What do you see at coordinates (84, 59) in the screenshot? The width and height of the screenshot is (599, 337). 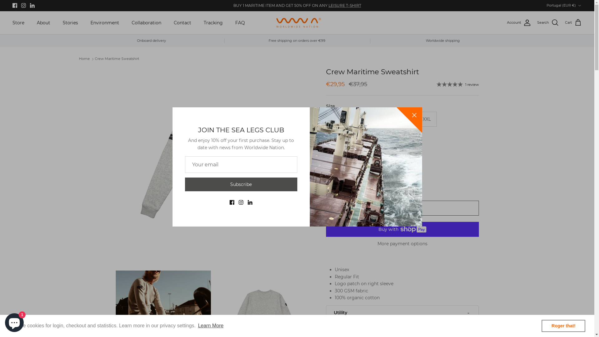 I see `'Home'` at bounding box center [84, 59].